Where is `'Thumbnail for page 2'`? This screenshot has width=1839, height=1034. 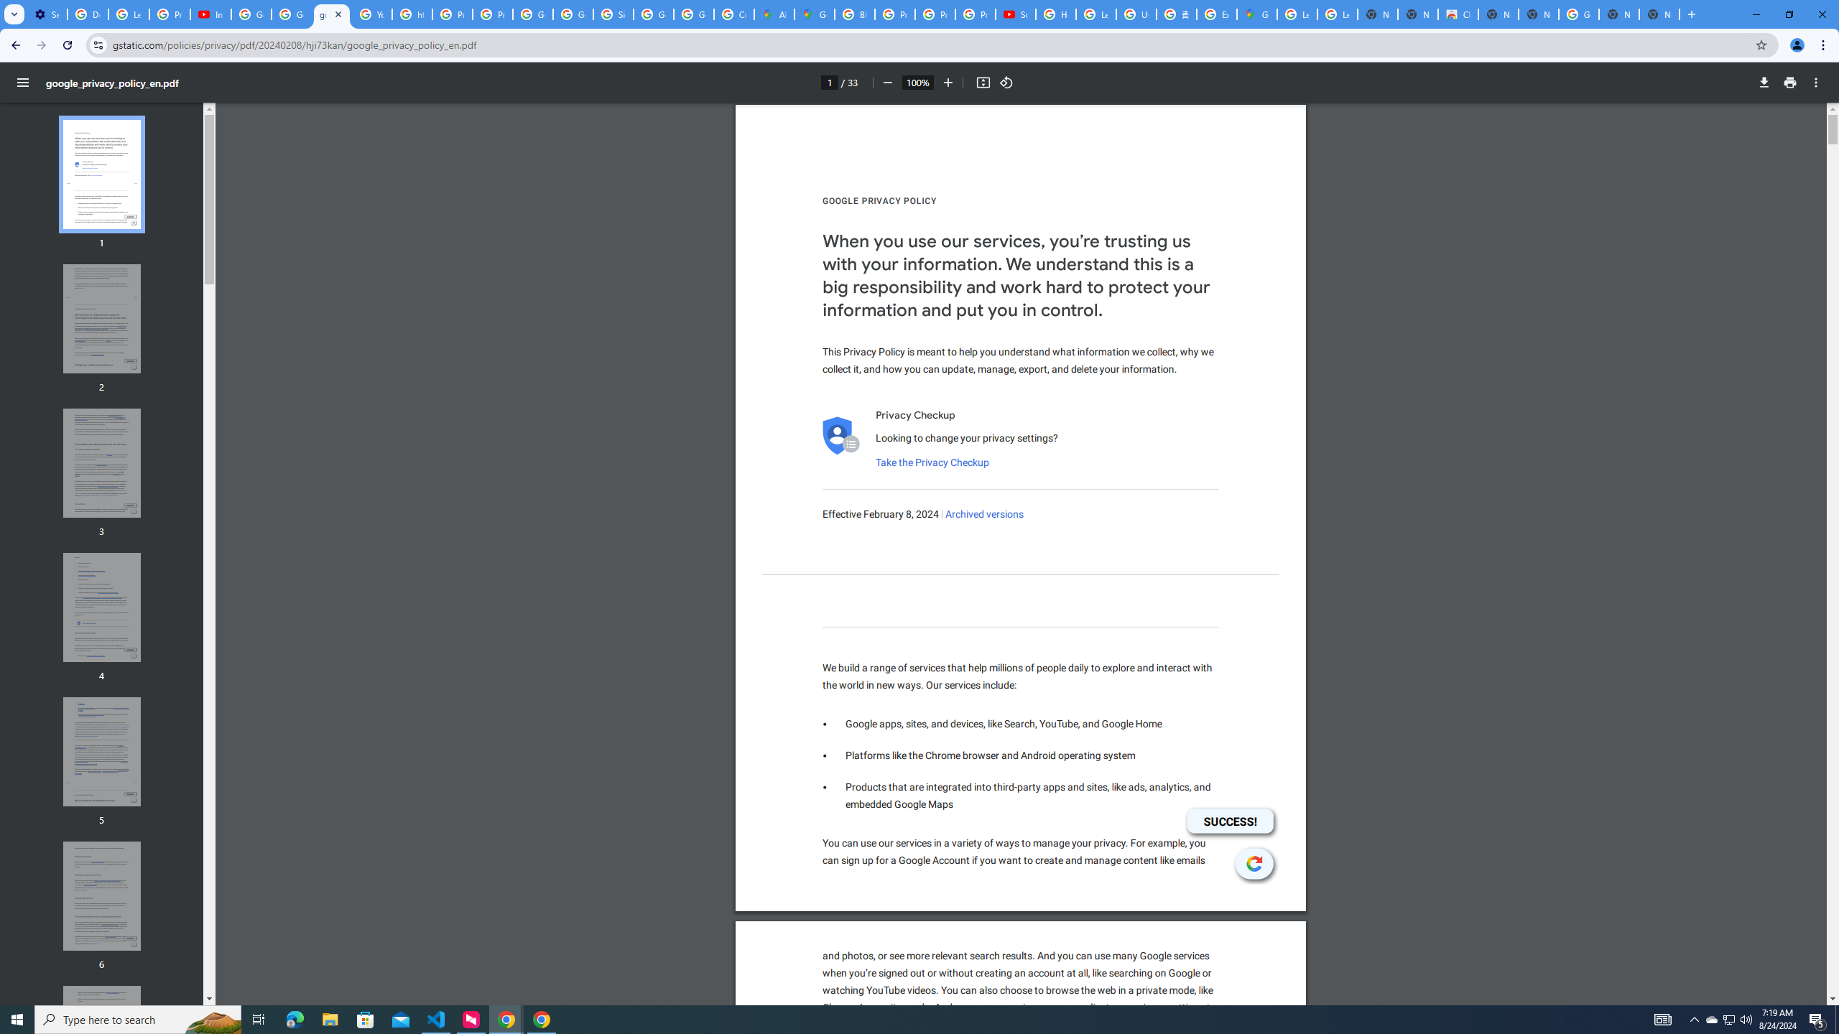 'Thumbnail for page 2' is located at coordinates (102, 319).